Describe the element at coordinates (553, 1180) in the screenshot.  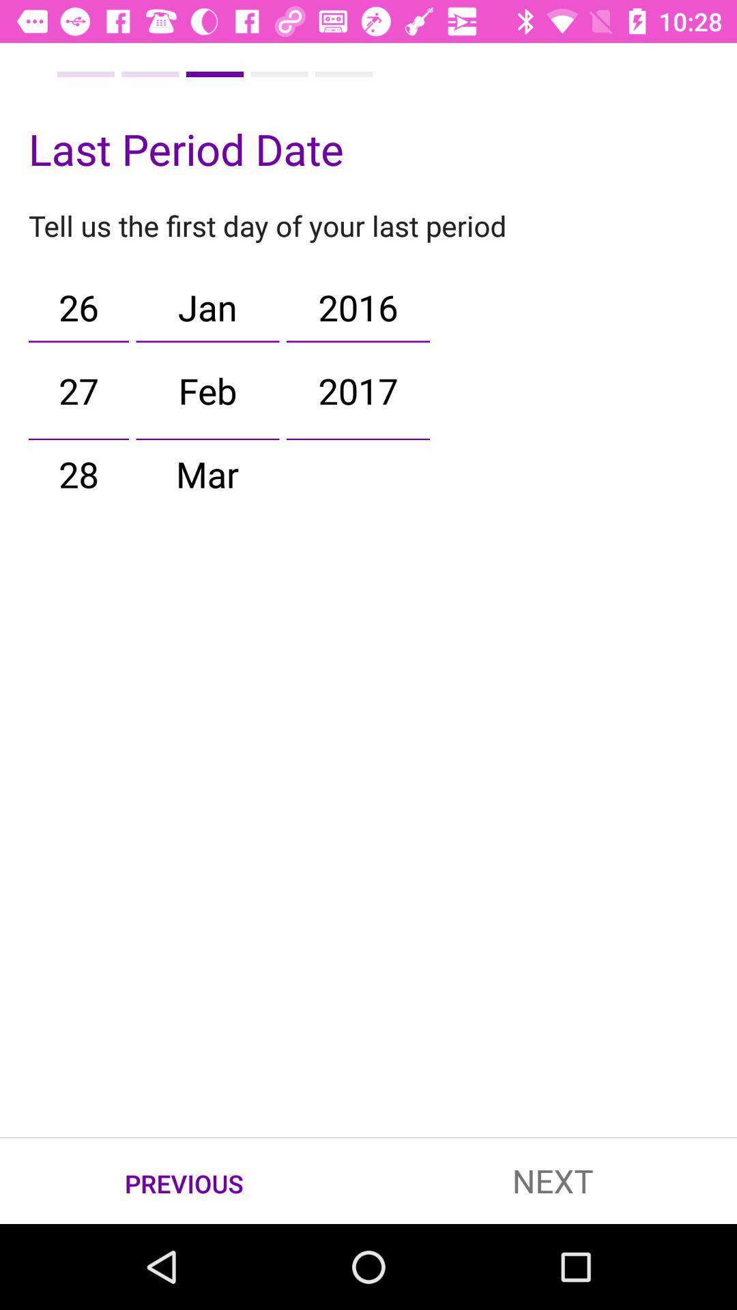
I see `the item next to previous item` at that location.